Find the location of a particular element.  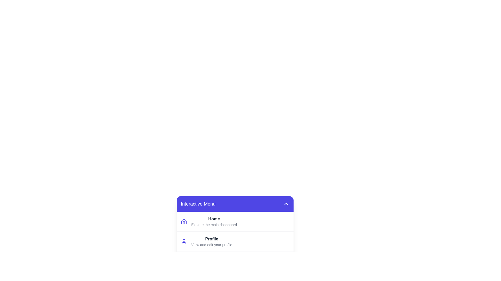

the menu item Home to view its details is located at coordinates (214, 219).